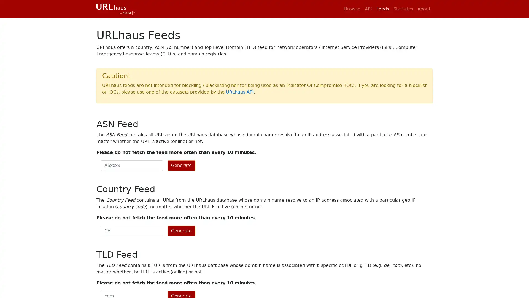 Image resolution: width=529 pixels, height=298 pixels. Describe the element at coordinates (181, 231) in the screenshot. I see `Generate` at that location.